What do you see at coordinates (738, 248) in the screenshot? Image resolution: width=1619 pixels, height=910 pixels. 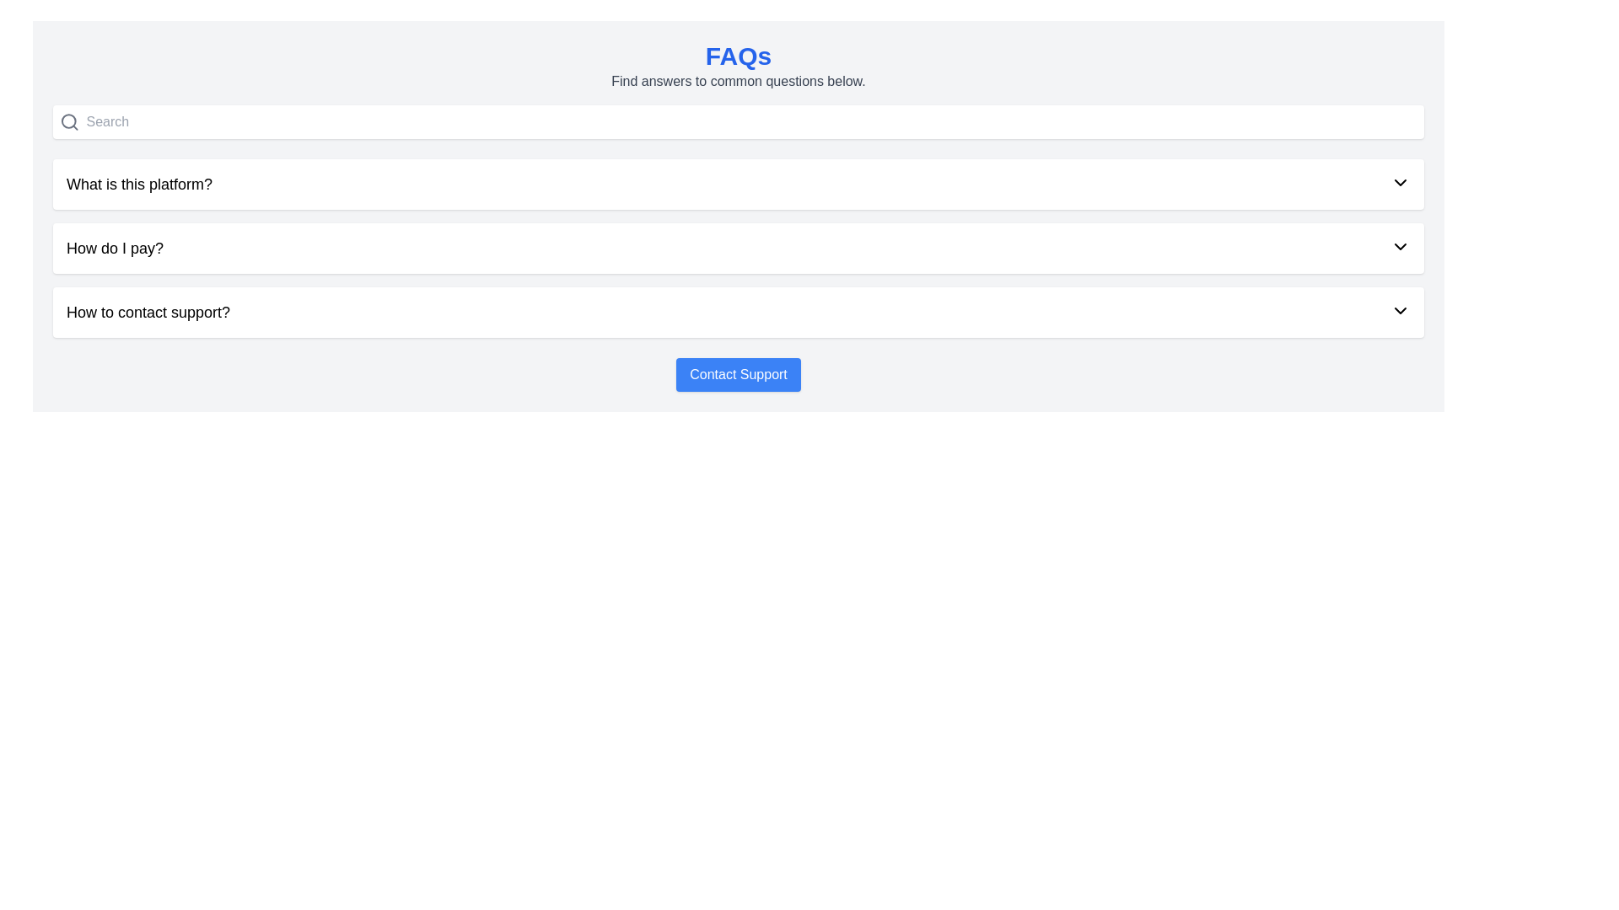 I see `the dropdown item associated with the 'How do I pay?' question` at bounding box center [738, 248].